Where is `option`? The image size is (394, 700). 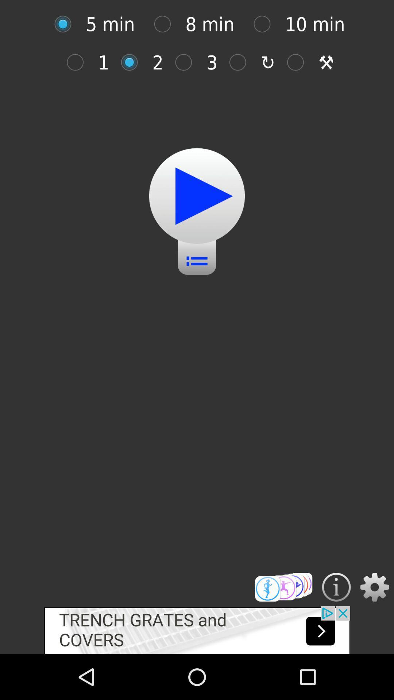
option is located at coordinates (133, 62).